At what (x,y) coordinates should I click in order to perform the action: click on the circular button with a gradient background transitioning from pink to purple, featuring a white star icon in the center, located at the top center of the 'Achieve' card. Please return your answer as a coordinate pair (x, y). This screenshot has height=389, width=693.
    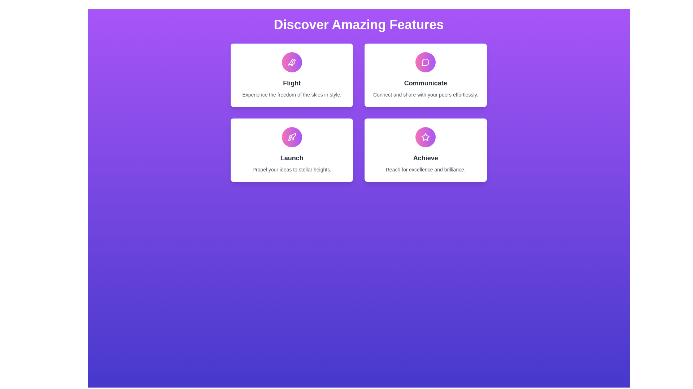
    Looking at the image, I should click on (426, 137).